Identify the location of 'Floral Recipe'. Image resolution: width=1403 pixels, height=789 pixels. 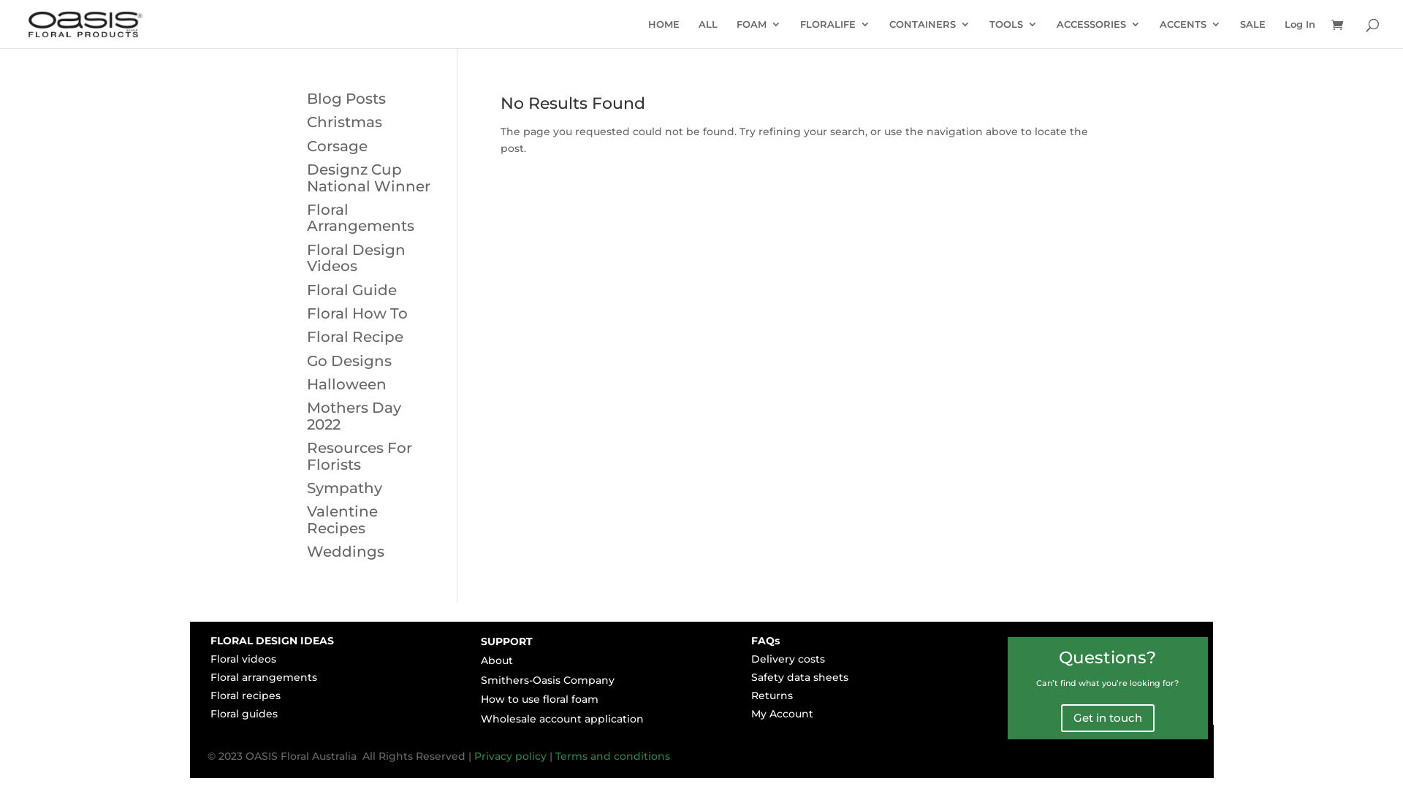
(354, 337).